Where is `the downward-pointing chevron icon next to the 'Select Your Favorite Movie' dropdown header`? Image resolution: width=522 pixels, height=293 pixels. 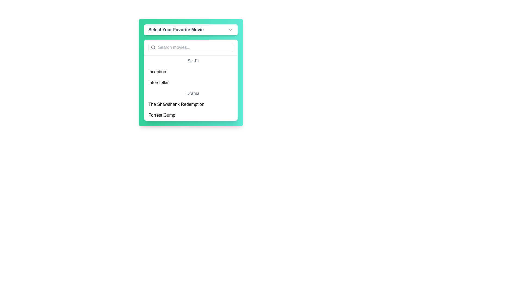
the downward-pointing chevron icon next to the 'Select Your Favorite Movie' dropdown header is located at coordinates (231, 30).